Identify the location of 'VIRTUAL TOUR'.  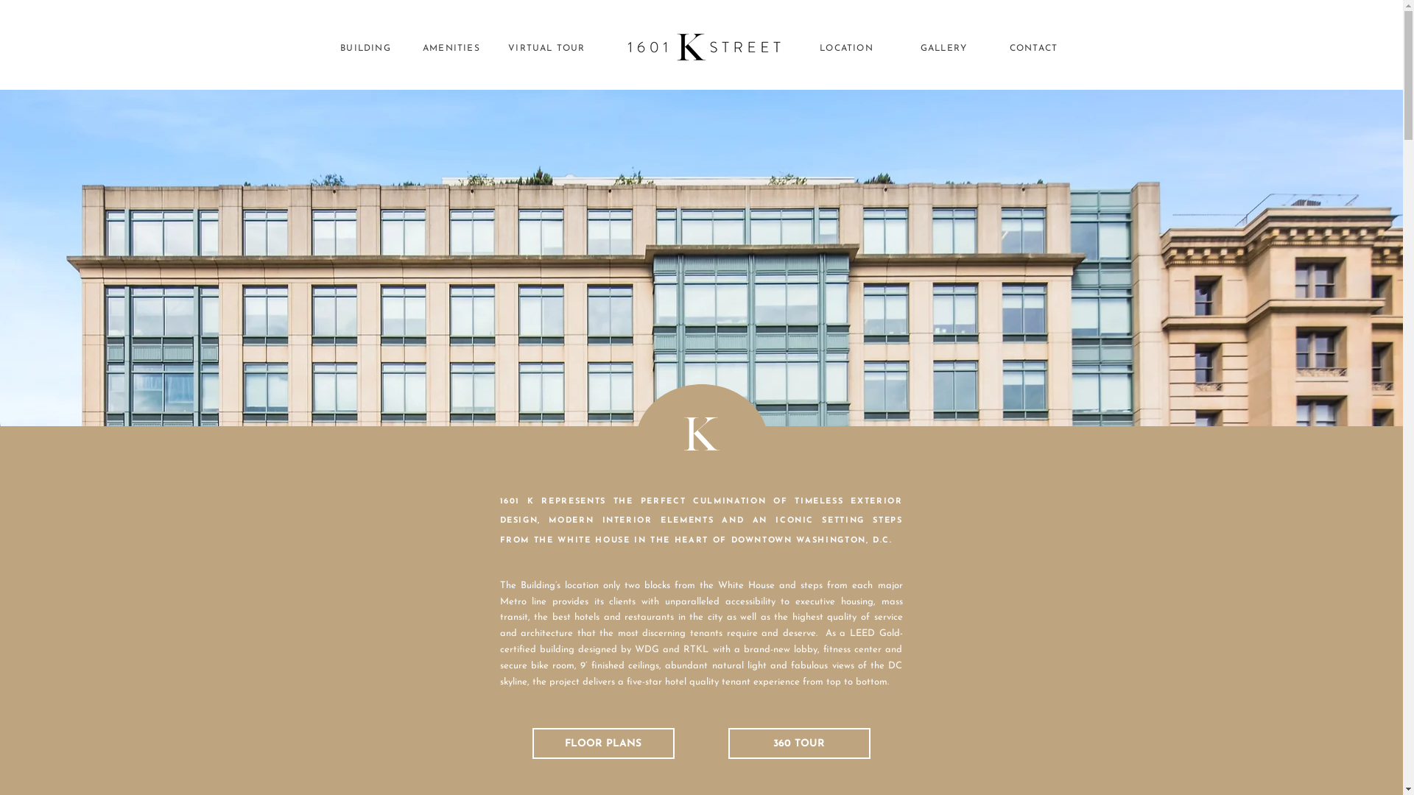
(547, 47).